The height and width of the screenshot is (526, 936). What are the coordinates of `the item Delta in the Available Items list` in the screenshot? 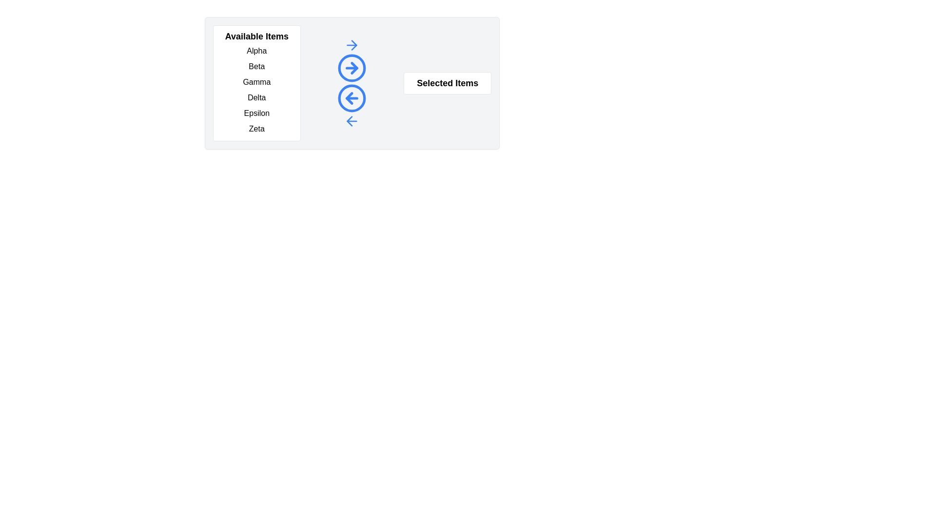 It's located at (256, 97).